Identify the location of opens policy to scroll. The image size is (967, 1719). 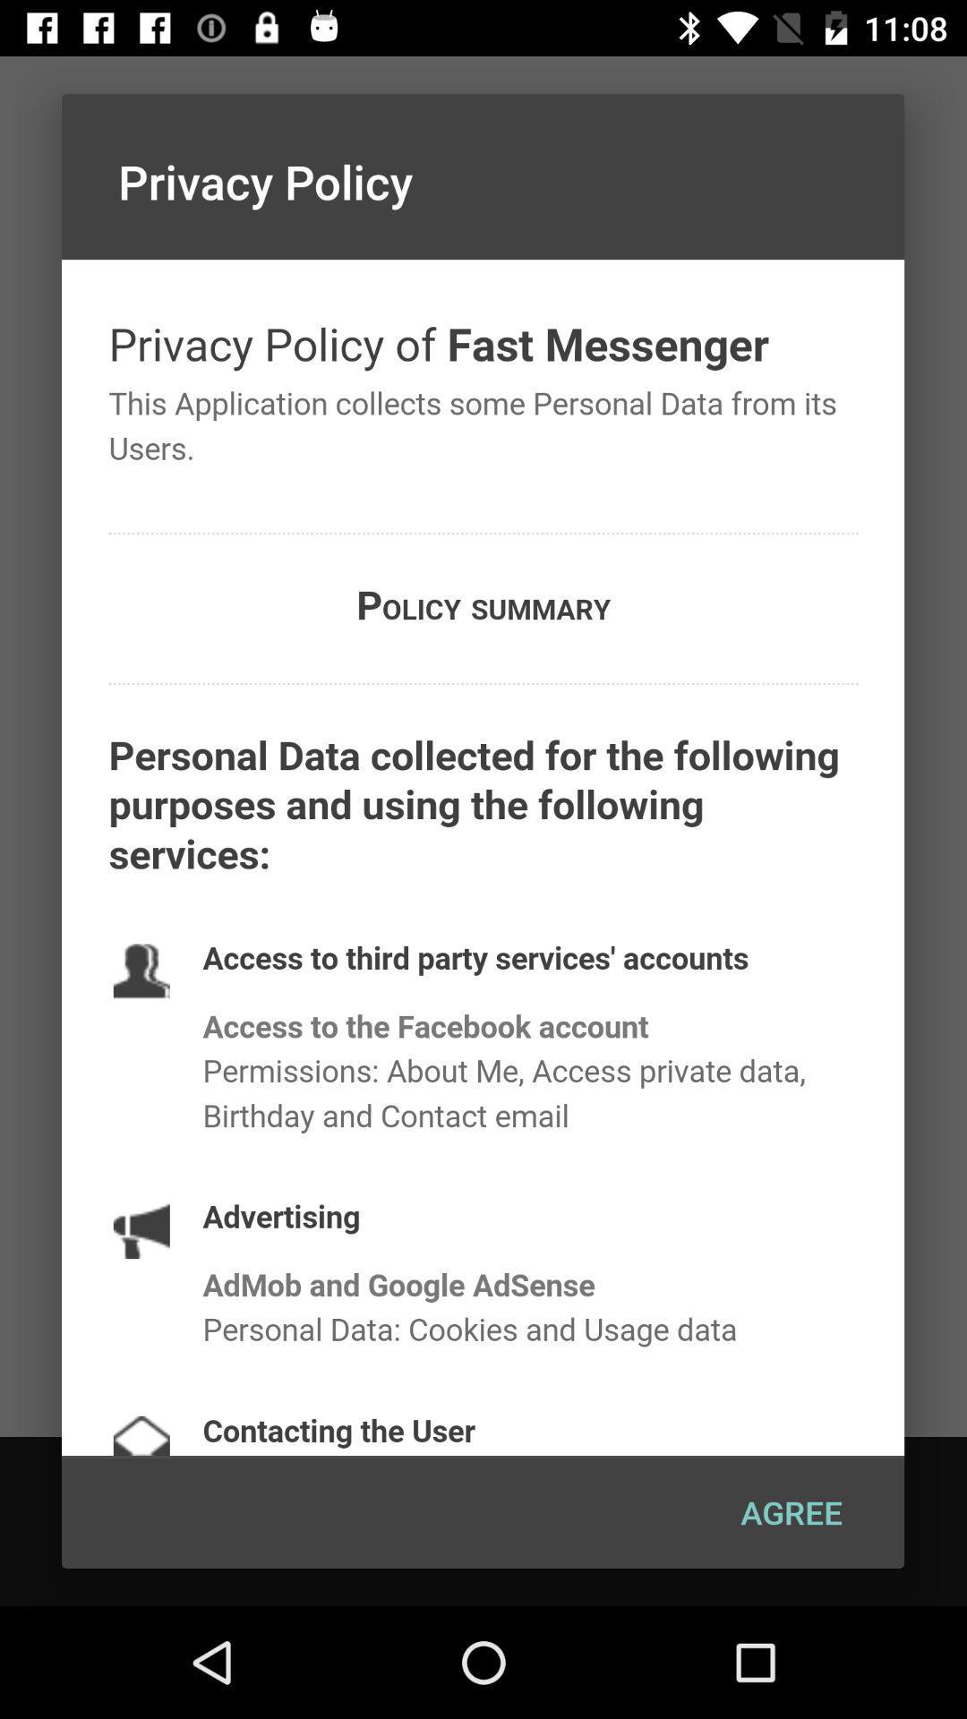
(482, 857).